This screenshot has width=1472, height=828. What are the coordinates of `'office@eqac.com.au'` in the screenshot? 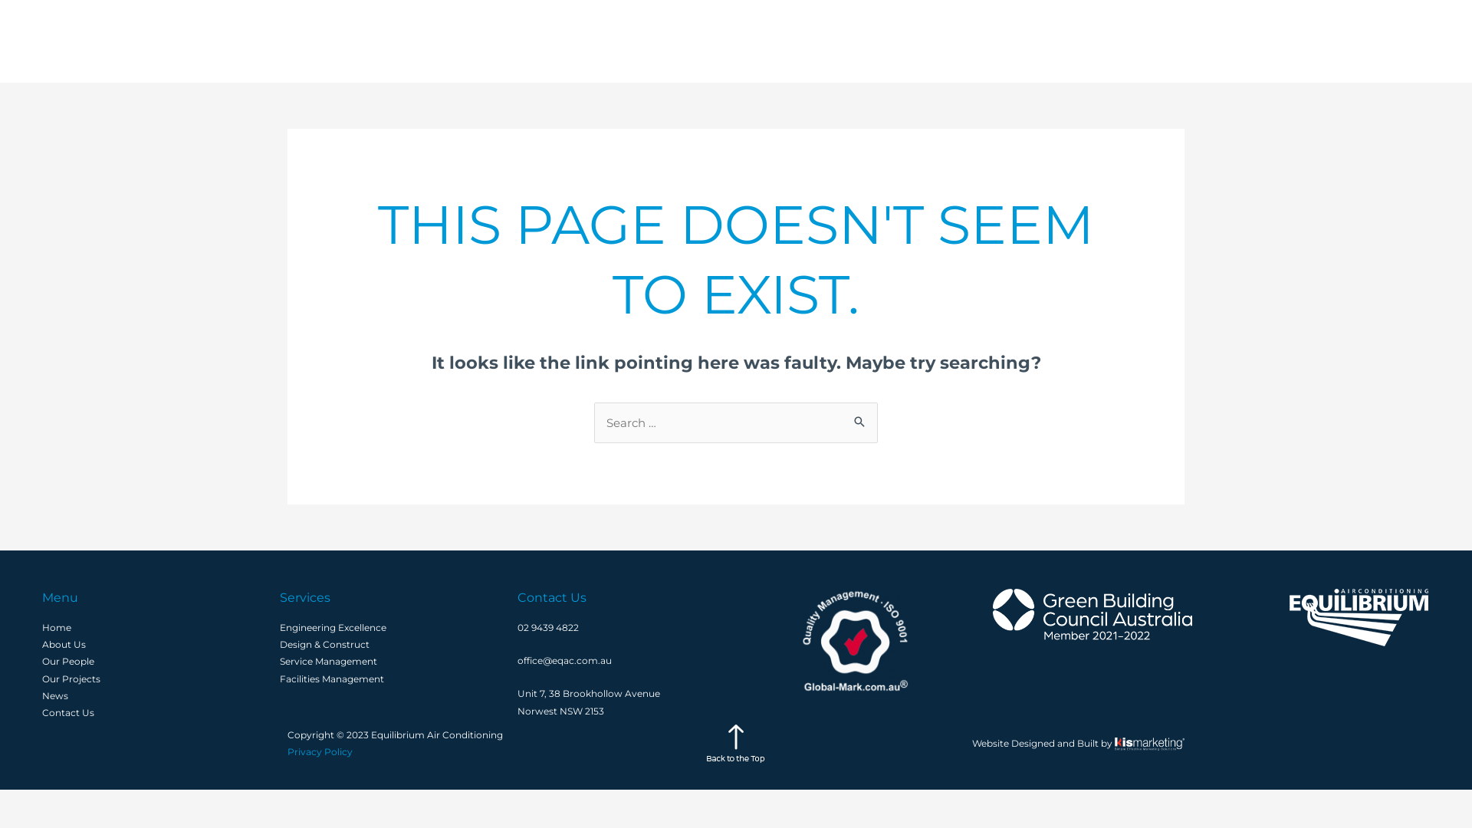 It's located at (563, 659).